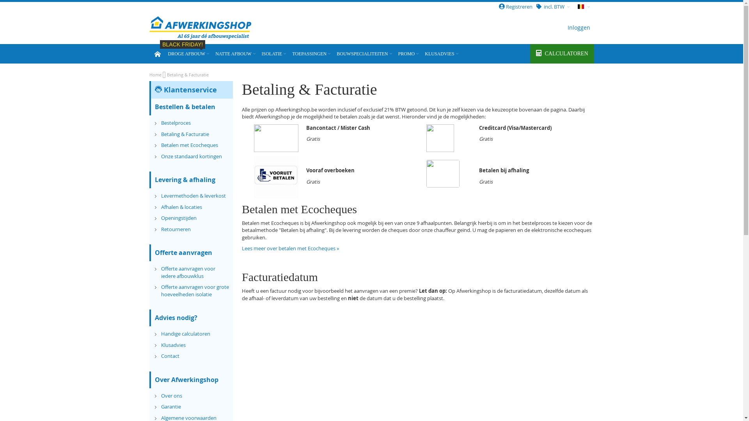  Describe the element at coordinates (364, 53) in the screenshot. I see `'BOUWSPECIALITEITEN'` at that location.